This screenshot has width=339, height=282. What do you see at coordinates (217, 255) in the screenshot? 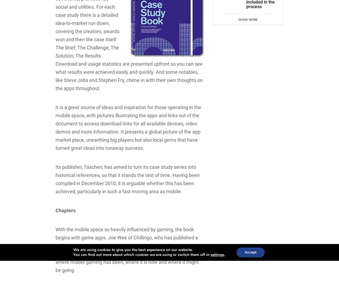
I see `'settings'` at bounding box center [217, 255].